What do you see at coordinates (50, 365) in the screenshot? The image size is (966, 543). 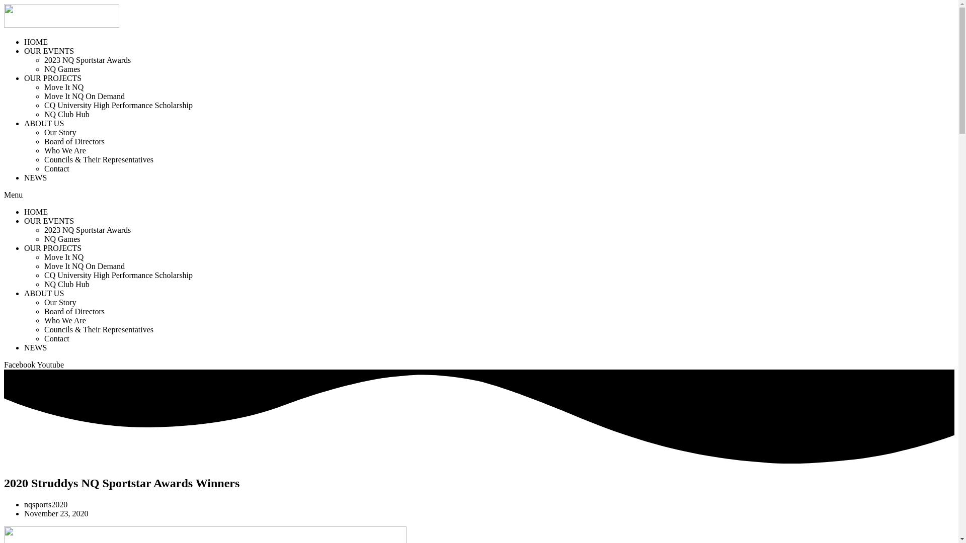 I see `'Youtube'` at bounding box center [50, 365].